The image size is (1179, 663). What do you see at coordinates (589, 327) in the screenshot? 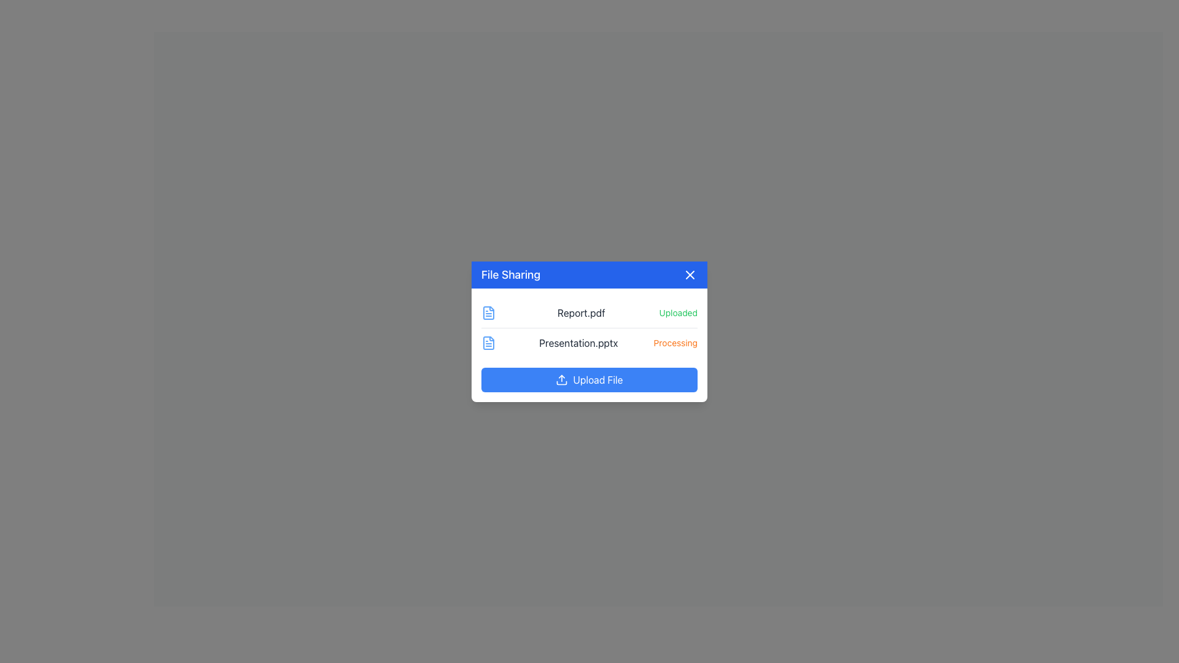
I see `the file list component` at bounding box center [589, 327].